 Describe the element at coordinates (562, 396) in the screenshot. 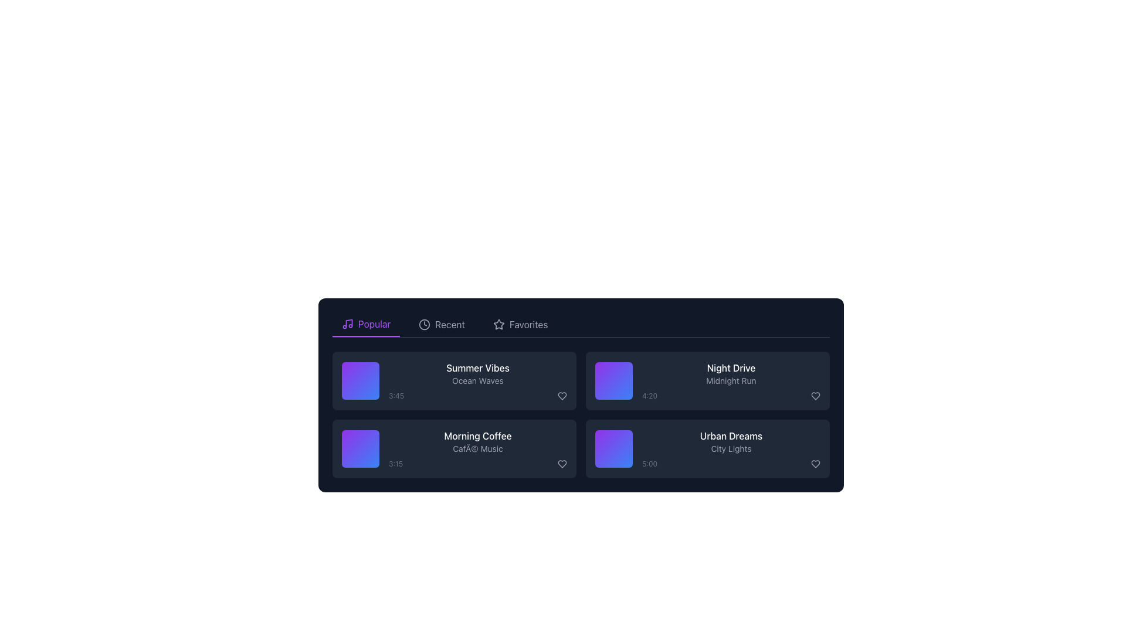

I see `the heart icon located at the bottom-right corner of the 'Summer Vibes, Ocean Waves' card in the 'Popular' section` at that location.